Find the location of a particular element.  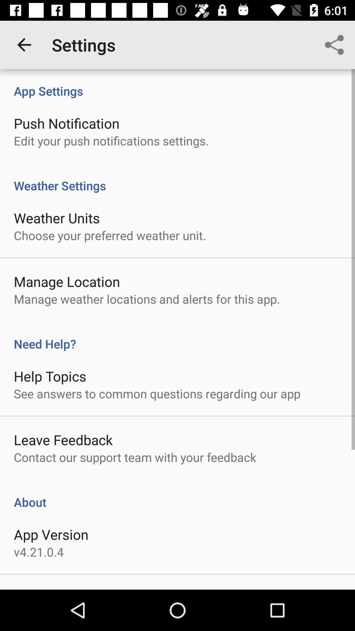

the choose your preferred item is located at coordinates (109, 235).